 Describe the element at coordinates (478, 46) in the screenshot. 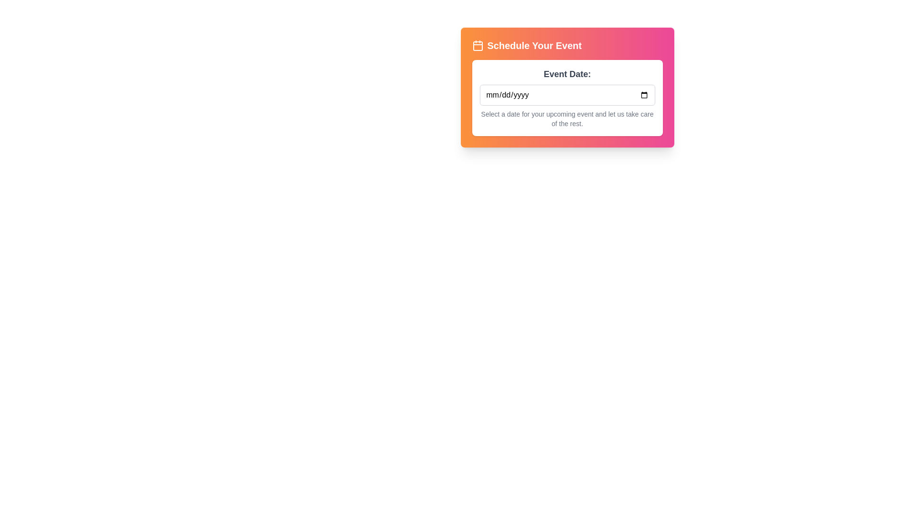

I see `the calendar icon, which is a modern square icon with rounded corners located to the left of the 'Schedule Your Event' text in the header section of the modal` at that location.